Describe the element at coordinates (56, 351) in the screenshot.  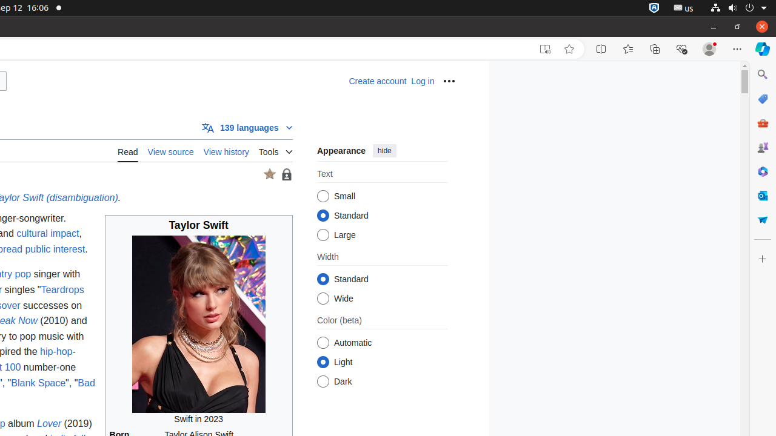
I see `'hip-hop'` at that location.